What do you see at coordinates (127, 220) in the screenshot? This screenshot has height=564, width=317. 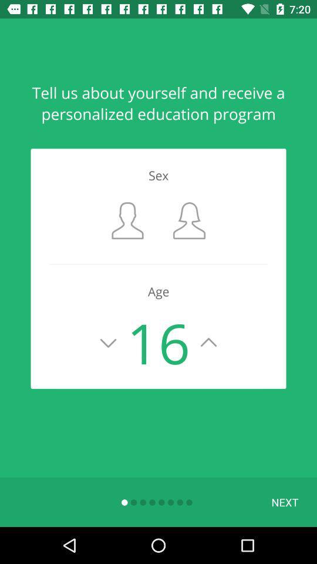 I see `male option button` at bounding box center [127, 220].